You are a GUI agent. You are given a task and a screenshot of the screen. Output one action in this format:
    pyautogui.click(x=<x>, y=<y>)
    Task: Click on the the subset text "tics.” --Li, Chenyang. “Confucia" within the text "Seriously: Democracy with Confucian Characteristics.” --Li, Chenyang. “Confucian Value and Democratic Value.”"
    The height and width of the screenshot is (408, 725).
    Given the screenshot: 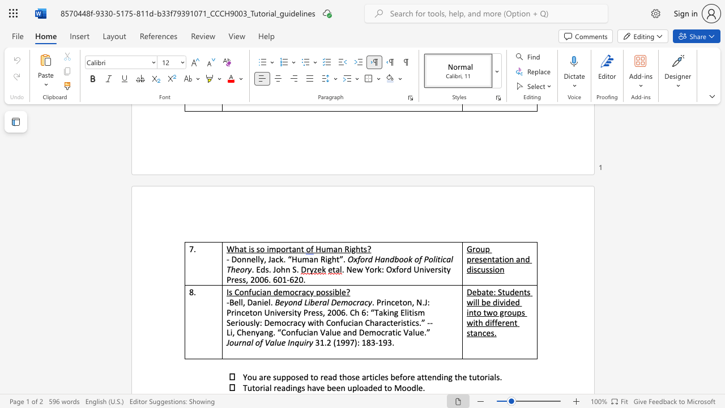 What is the action you would take?
    pyautogui.click(x=406, y=322)
    